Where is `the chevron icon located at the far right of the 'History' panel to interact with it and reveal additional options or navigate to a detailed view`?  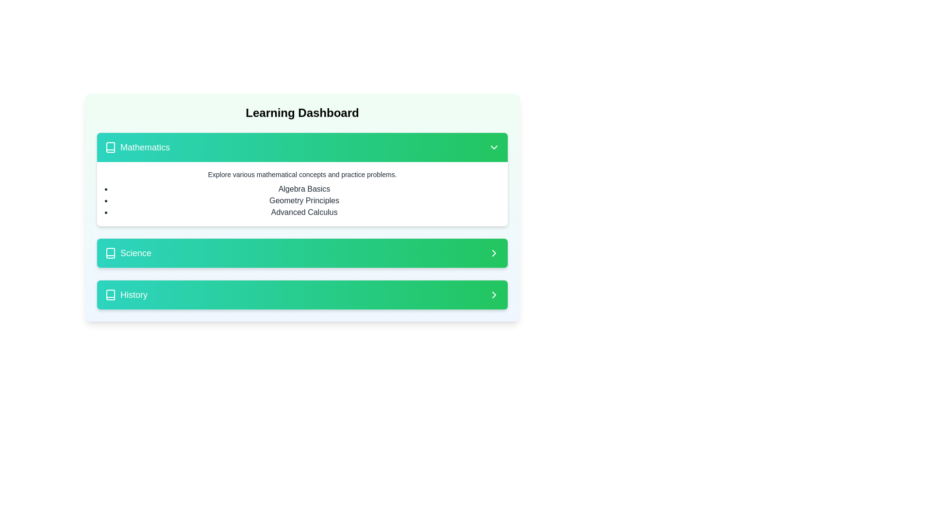
the chevron icon located at the far right of the 'History' panel to interact with it and reveal additional options or navigate to a detailed view is located at coordinates (494, 252).